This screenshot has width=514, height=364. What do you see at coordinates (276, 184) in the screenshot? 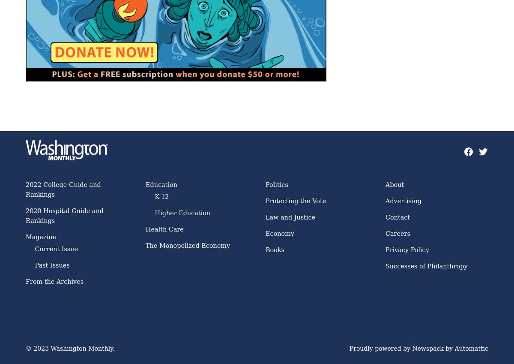
I see `'Politics'` at bounding box center [276, 184].